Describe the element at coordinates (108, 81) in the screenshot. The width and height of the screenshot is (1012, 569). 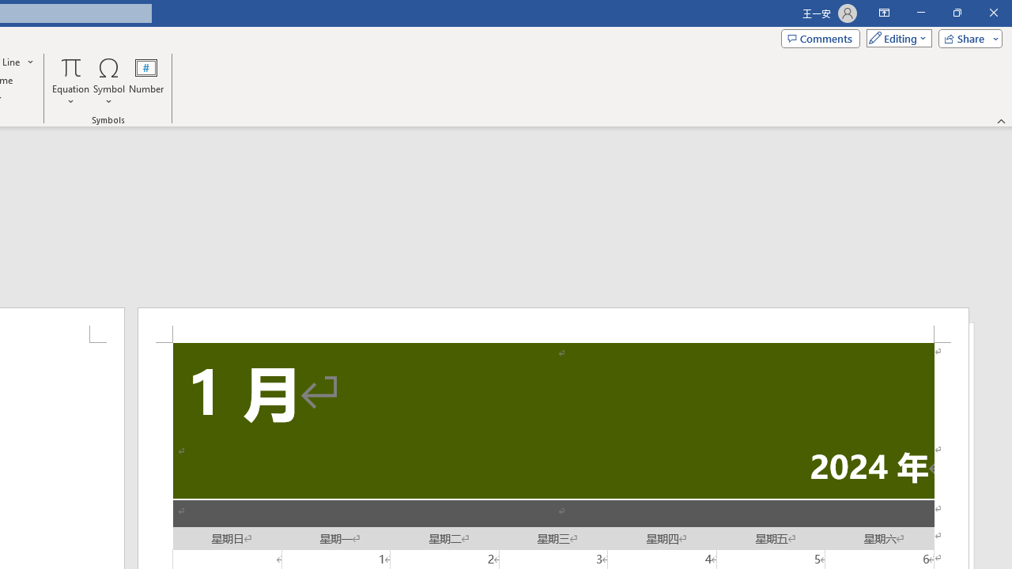
I see `'Symbol'` at that location.